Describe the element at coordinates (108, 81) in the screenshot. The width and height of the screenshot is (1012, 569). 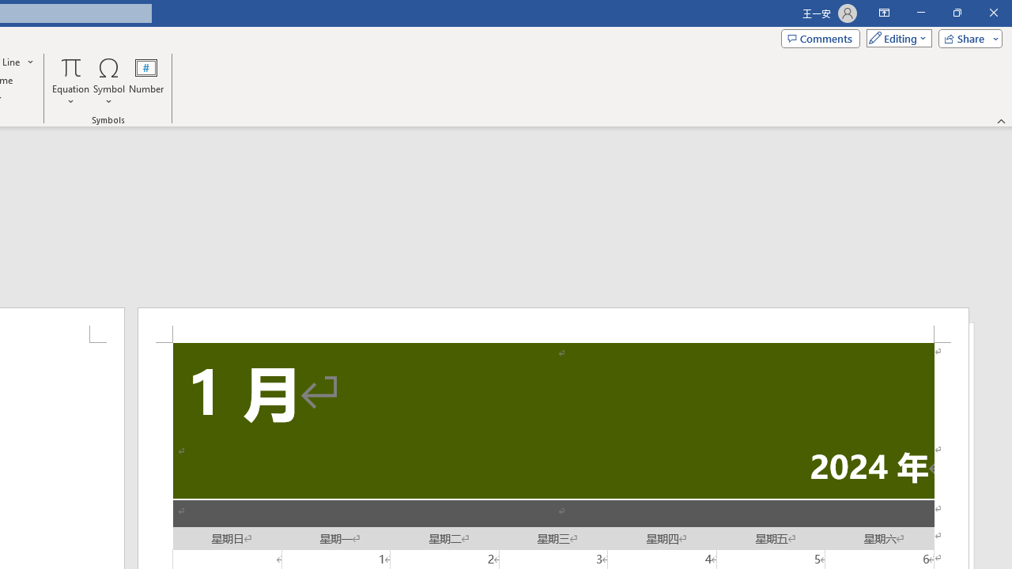
I see `'Symbol'` at that location.